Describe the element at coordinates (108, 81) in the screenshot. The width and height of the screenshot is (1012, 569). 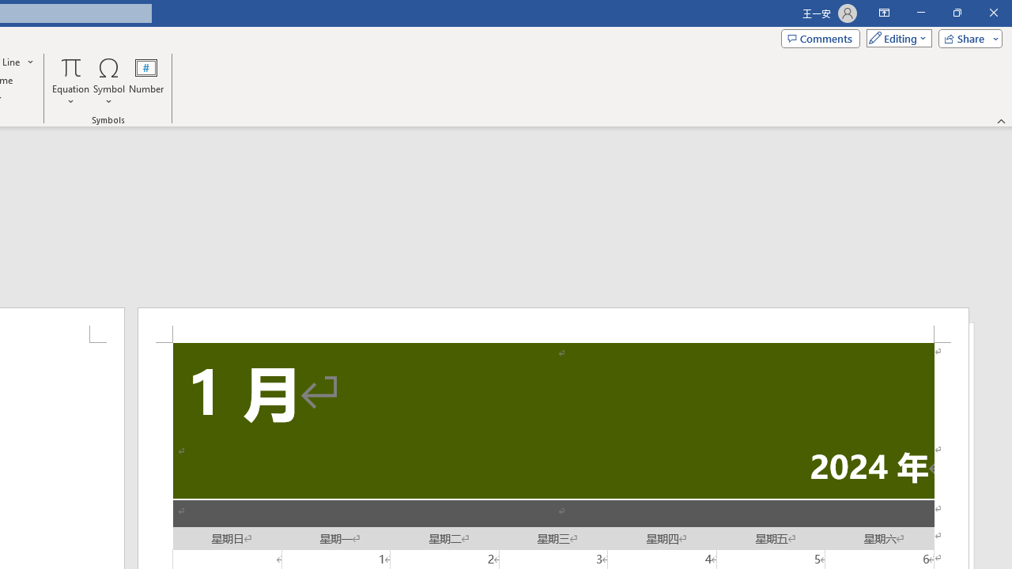
I see `'Symbol'` at that location.